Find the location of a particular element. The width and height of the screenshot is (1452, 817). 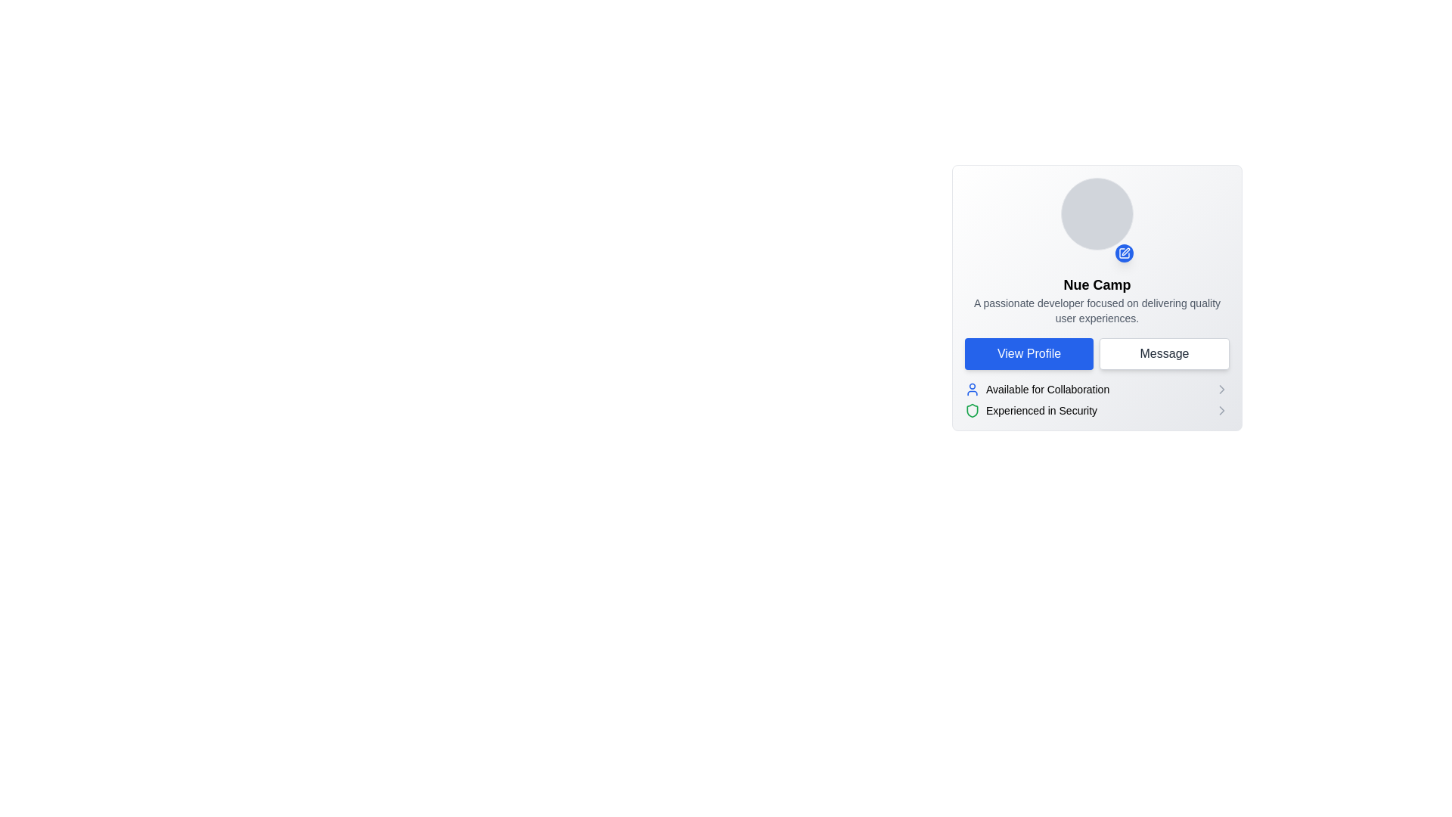

the second informational list item located below the 'Available for Collaboration' row, which likely indicates expertise or traits is located at coordinates (1097, 411).